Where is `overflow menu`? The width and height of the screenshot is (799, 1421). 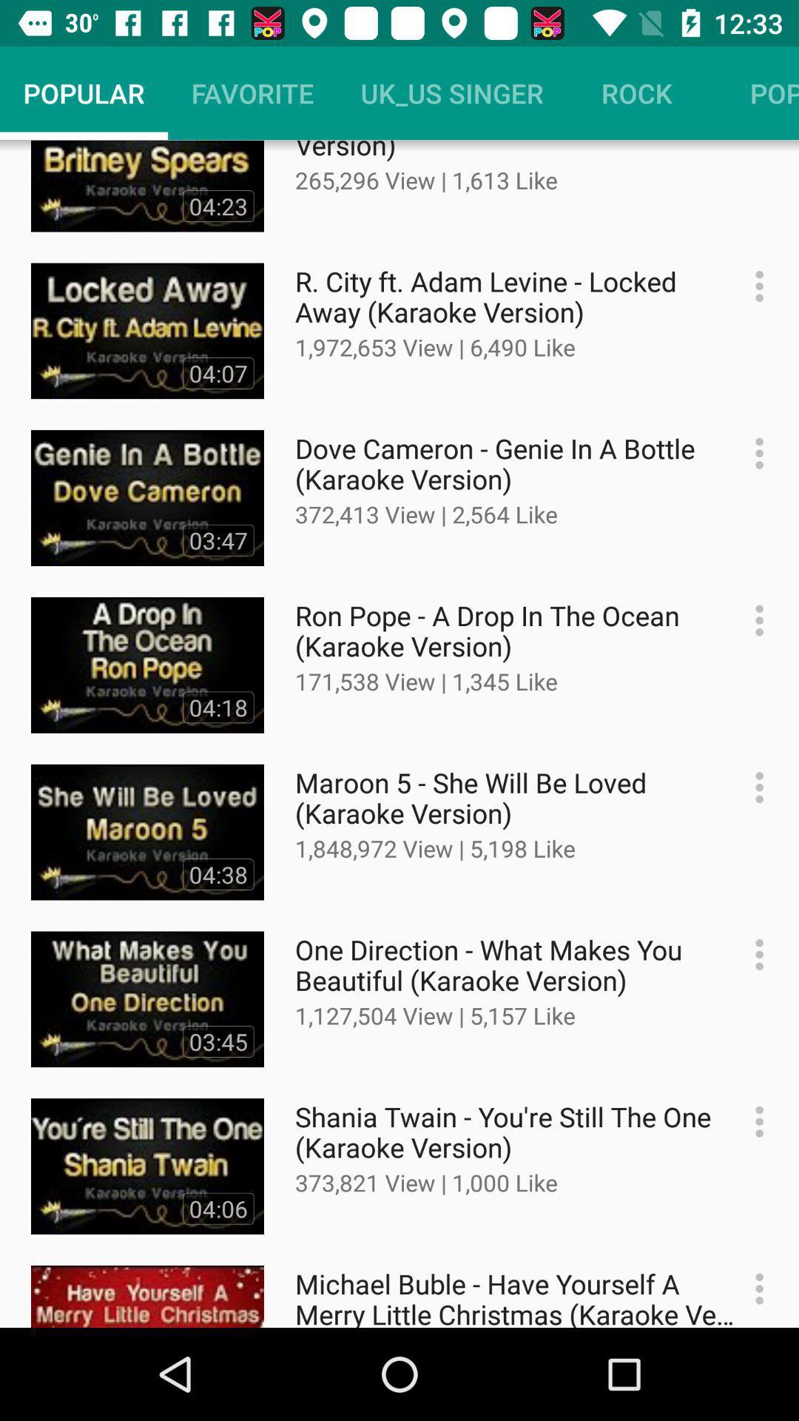 overflow menu is located at coordinates (752, 452).